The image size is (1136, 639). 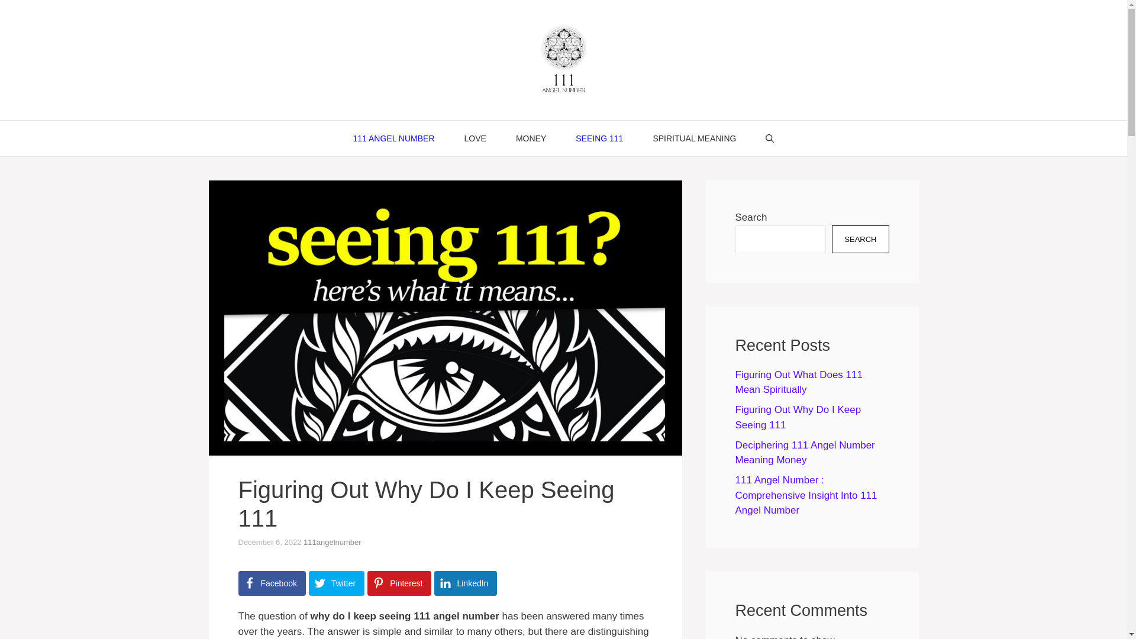 What do you see at coordinates (694, 138) in the screenshot?
I see `'SPIRITUAL MEANING'` at bounding box center [694, 138].